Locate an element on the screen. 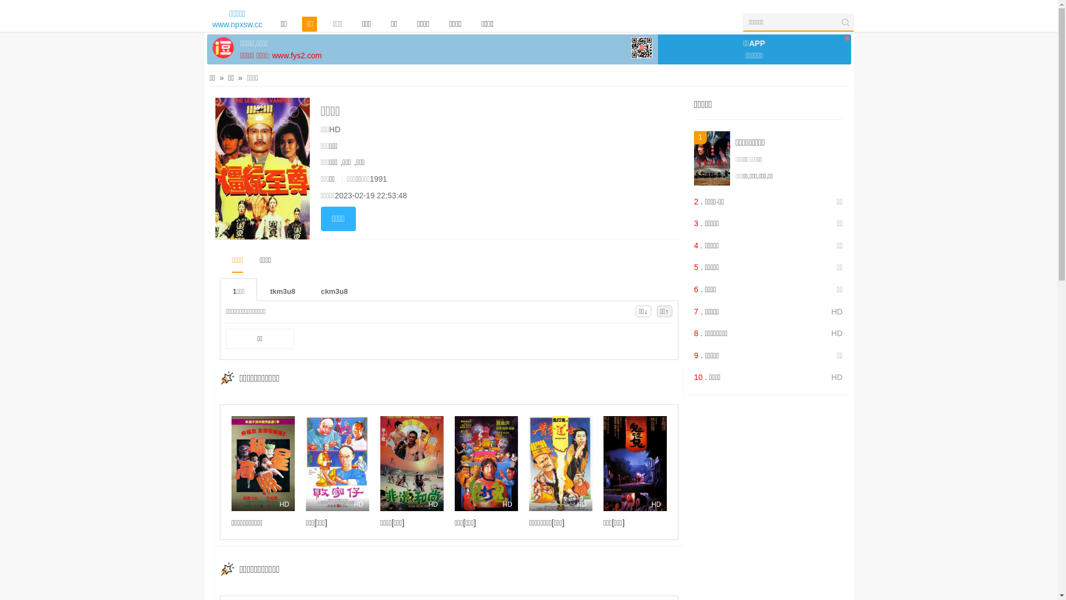  'tkm3u8' is located at coordinates (282, 289).